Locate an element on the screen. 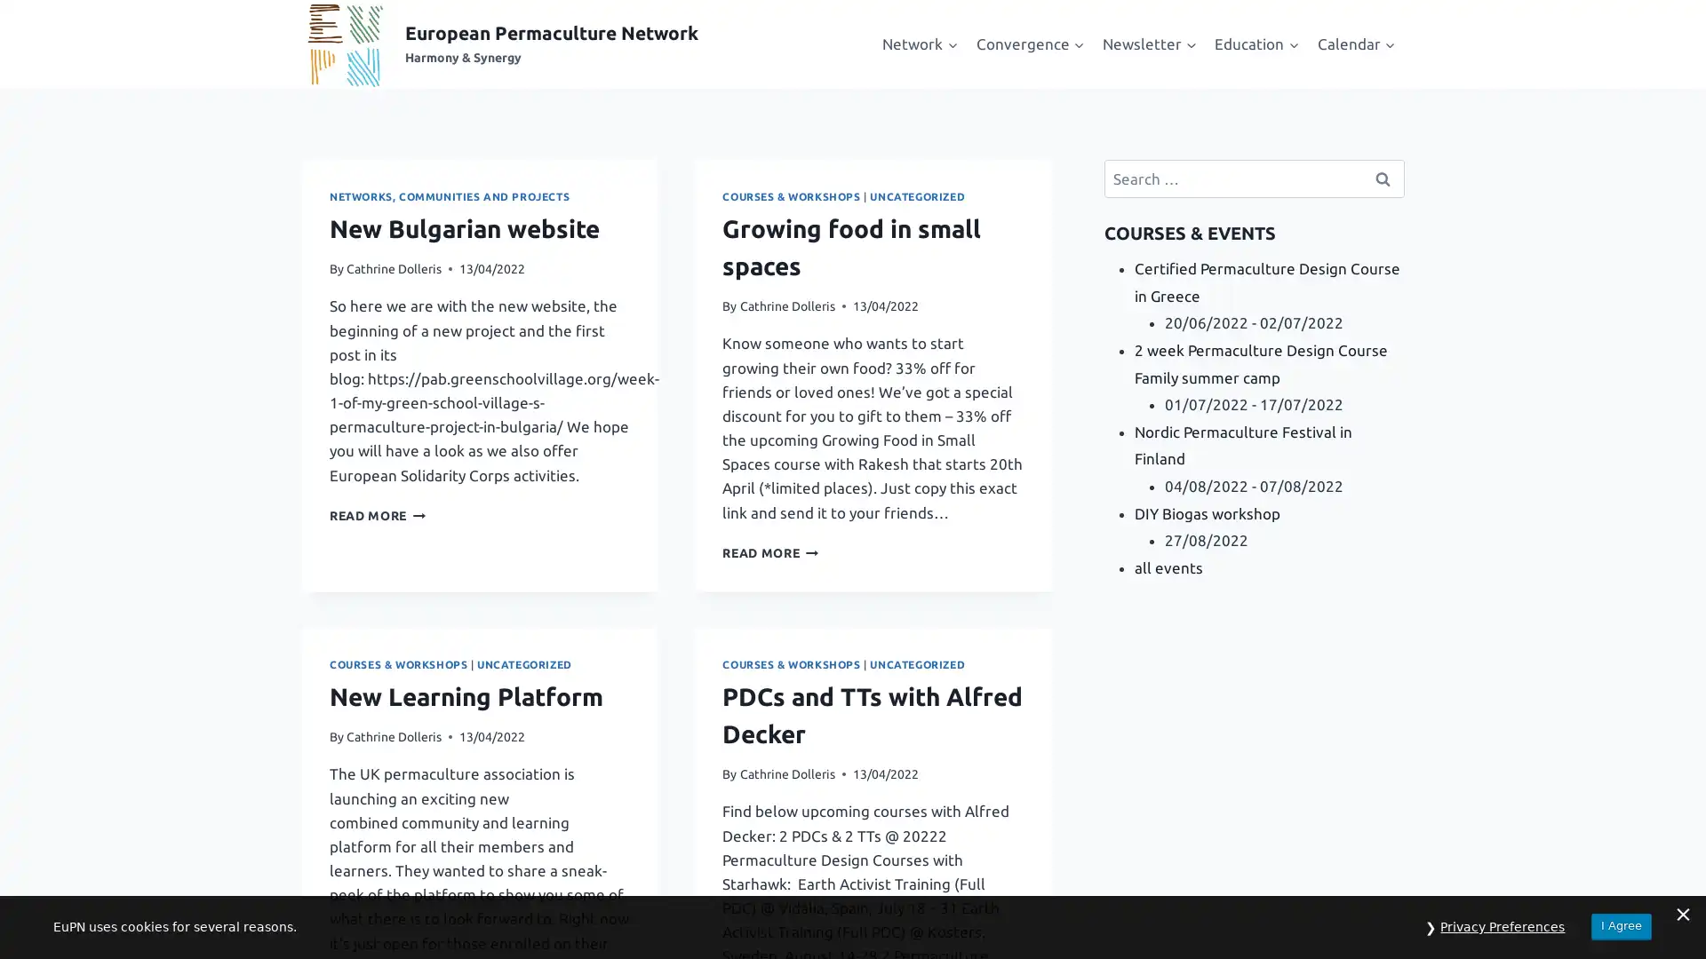  Search is located at coordinates (1381, 178).